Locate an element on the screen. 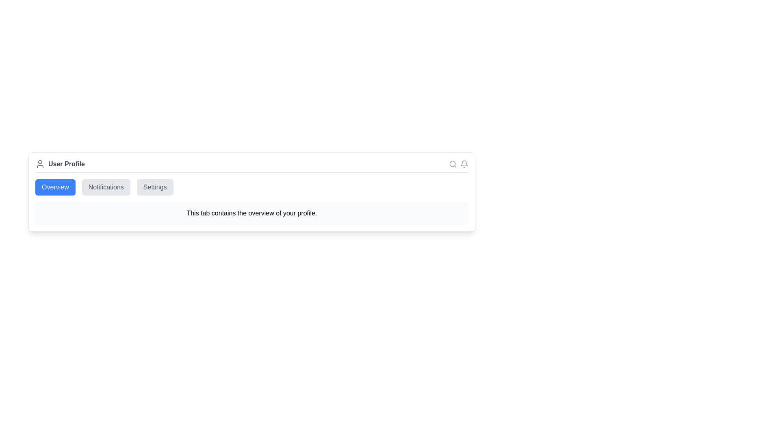  the 'User Profile' icon is located at coordinates (40, 164).